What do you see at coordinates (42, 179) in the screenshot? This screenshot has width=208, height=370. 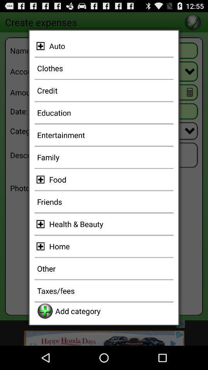 I see `expplore food catregory option` at bounding box center [42, 179].